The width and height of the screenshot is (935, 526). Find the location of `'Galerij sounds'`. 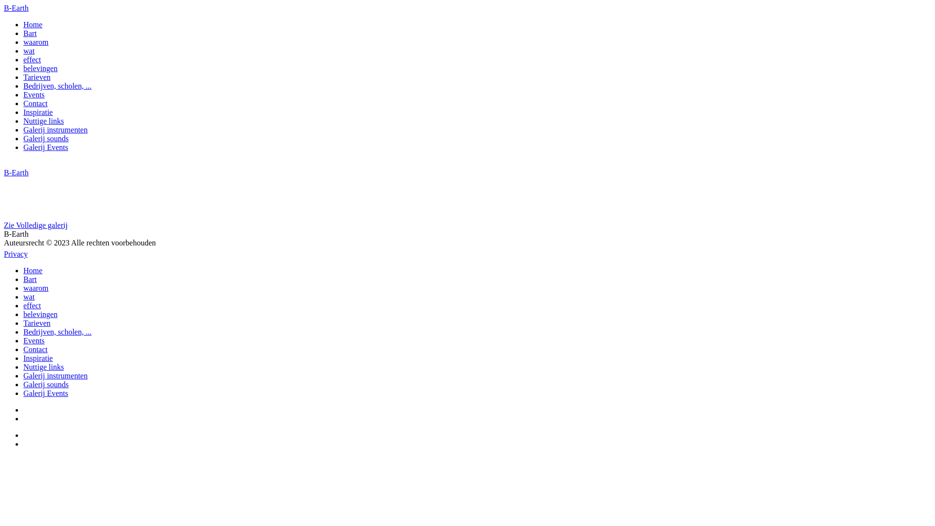

'Galerij sounds' is located at coordinates (45, 384).